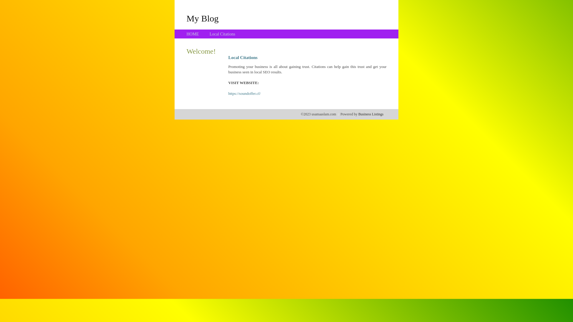  Describe the element at coordinates (186, 18) in the screenshot. I see `'My Blog'` at that location.